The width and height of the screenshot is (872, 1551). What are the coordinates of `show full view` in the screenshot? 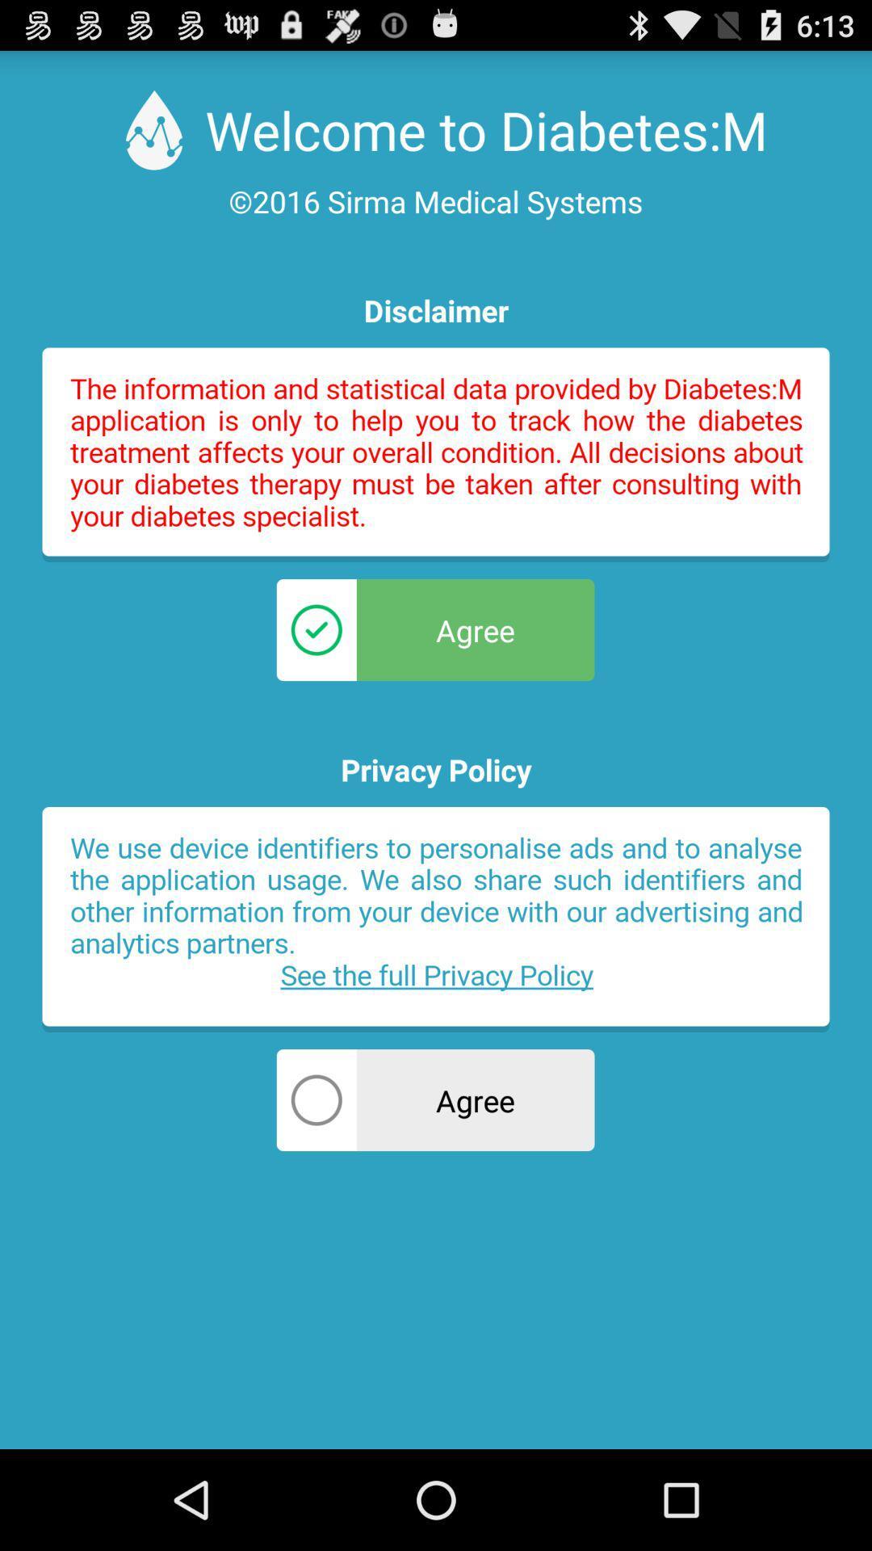 It's located at (436, 454).